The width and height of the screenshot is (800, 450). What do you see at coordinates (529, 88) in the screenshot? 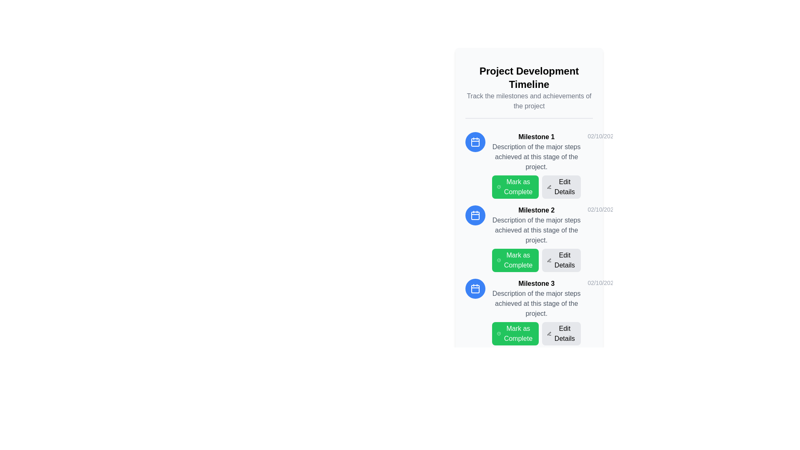
I see `the static text-based heading and subtitle element that serves as an introductory description for the project development milestones, located centrally at the top of the layout` at bounding box center [529, 88].